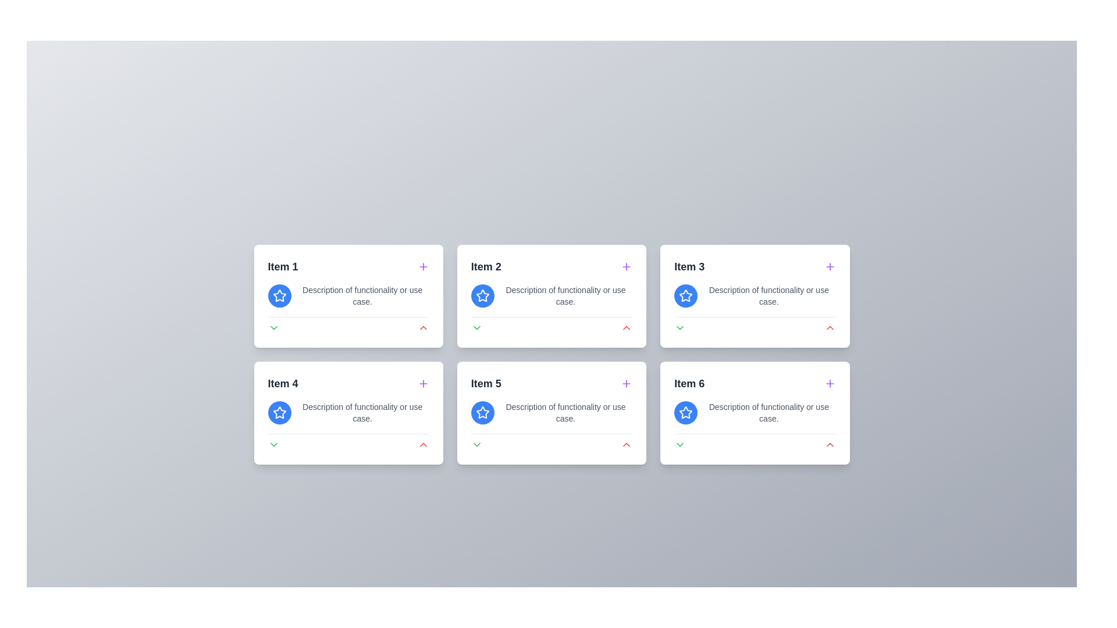 This screenshot has width=1117, height=628. I want to click on the text label that displays 'Description of functionality or use case.' located in the second card of the top row, centered below a blue circular icon with a white star symbol, so click(565, 295).